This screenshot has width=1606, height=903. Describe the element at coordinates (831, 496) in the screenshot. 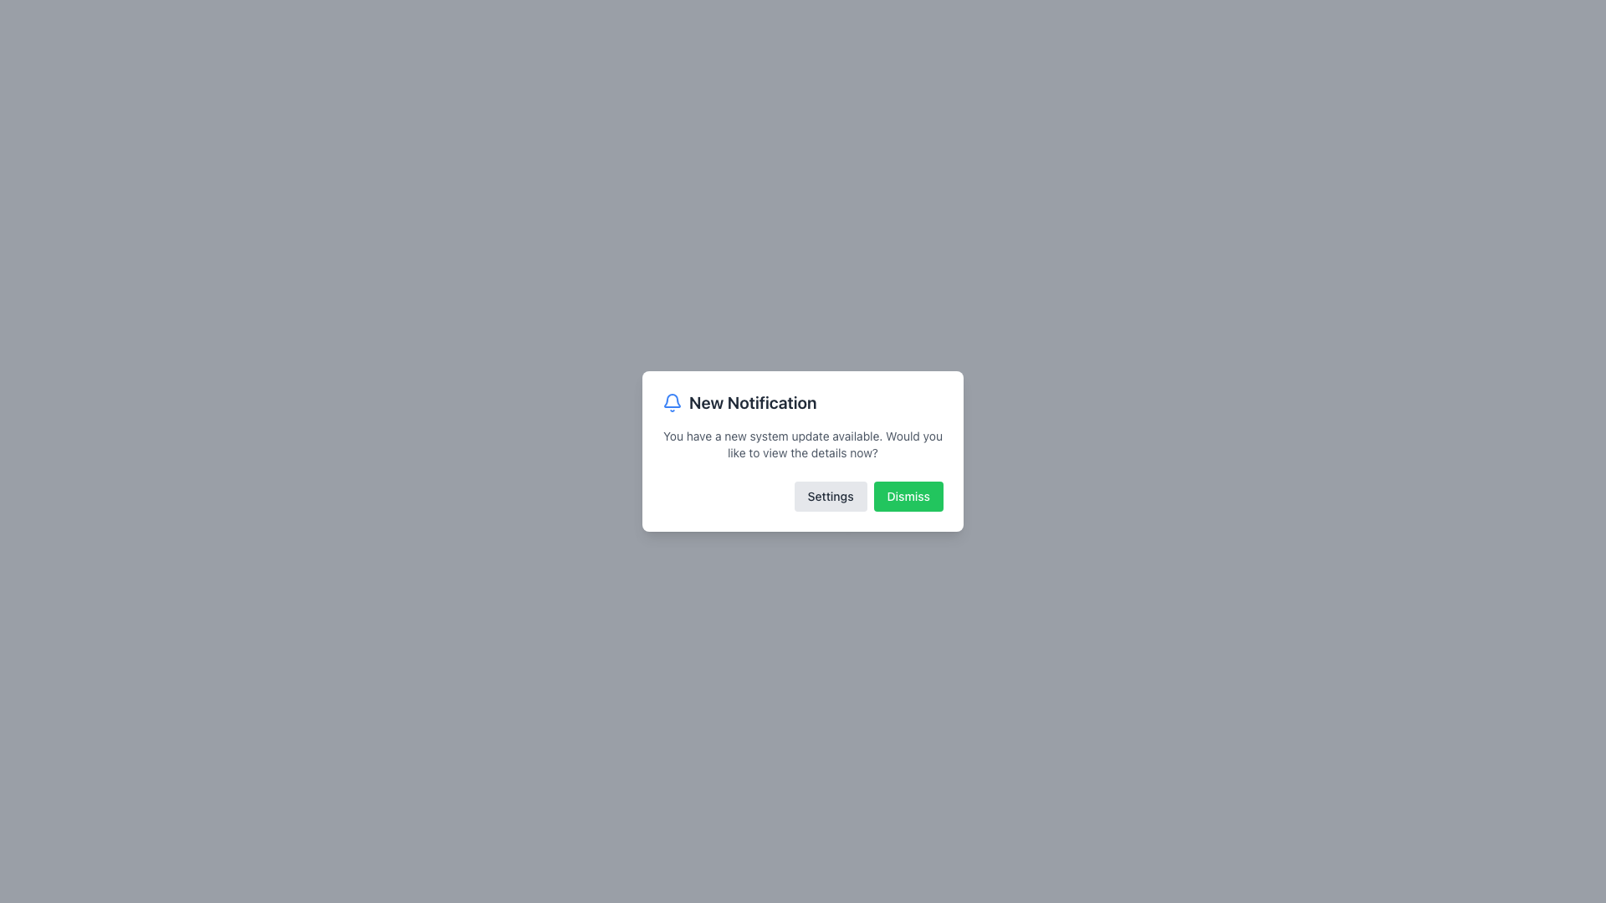

I see `the settings button located at the lower right section of the notification modal window, which is situated to the left of the green 'Dismiss' button` at that location.